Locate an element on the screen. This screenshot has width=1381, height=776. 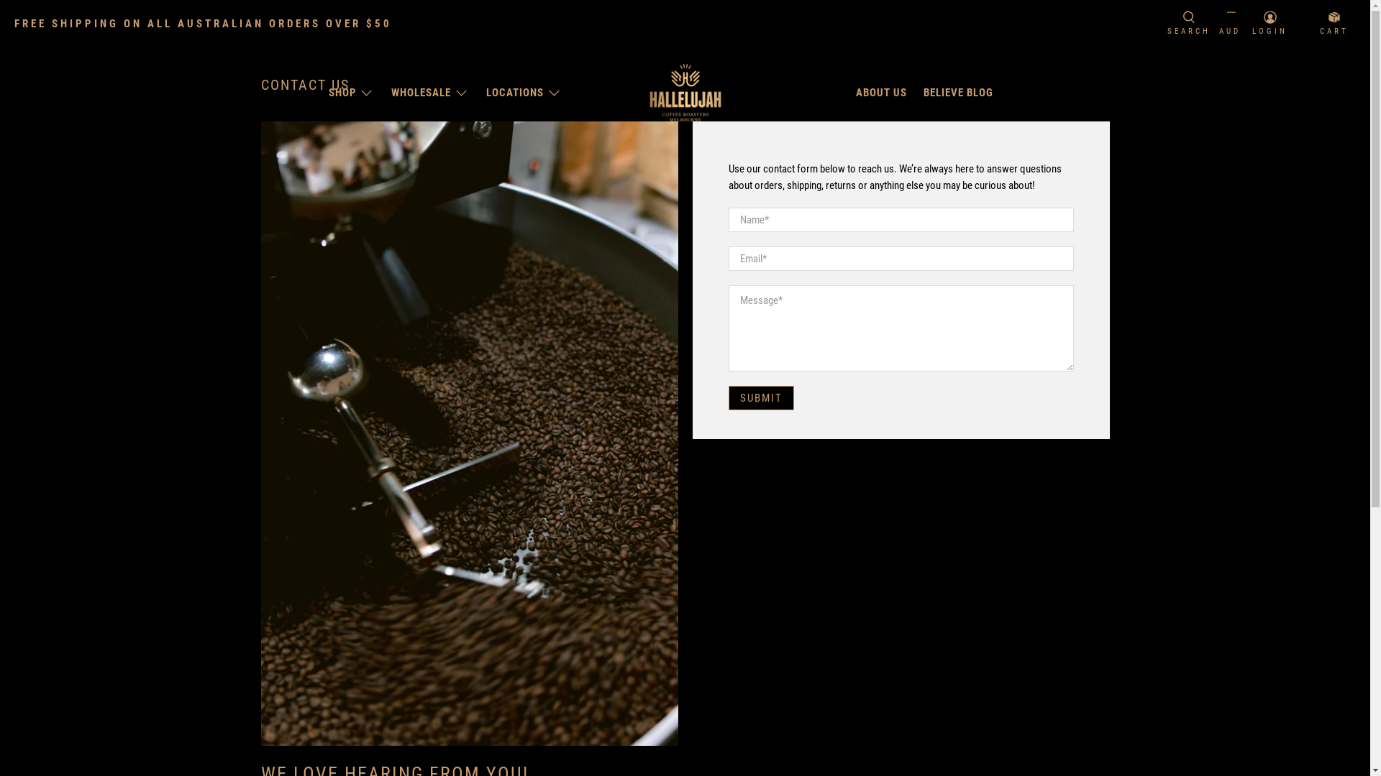
'SHOP' is located at coordinates (319, 93).